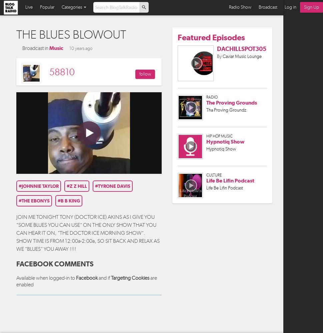  Describe the element at coordinates (284, 7) in the screenshot. I see `'Log in'` at that location.